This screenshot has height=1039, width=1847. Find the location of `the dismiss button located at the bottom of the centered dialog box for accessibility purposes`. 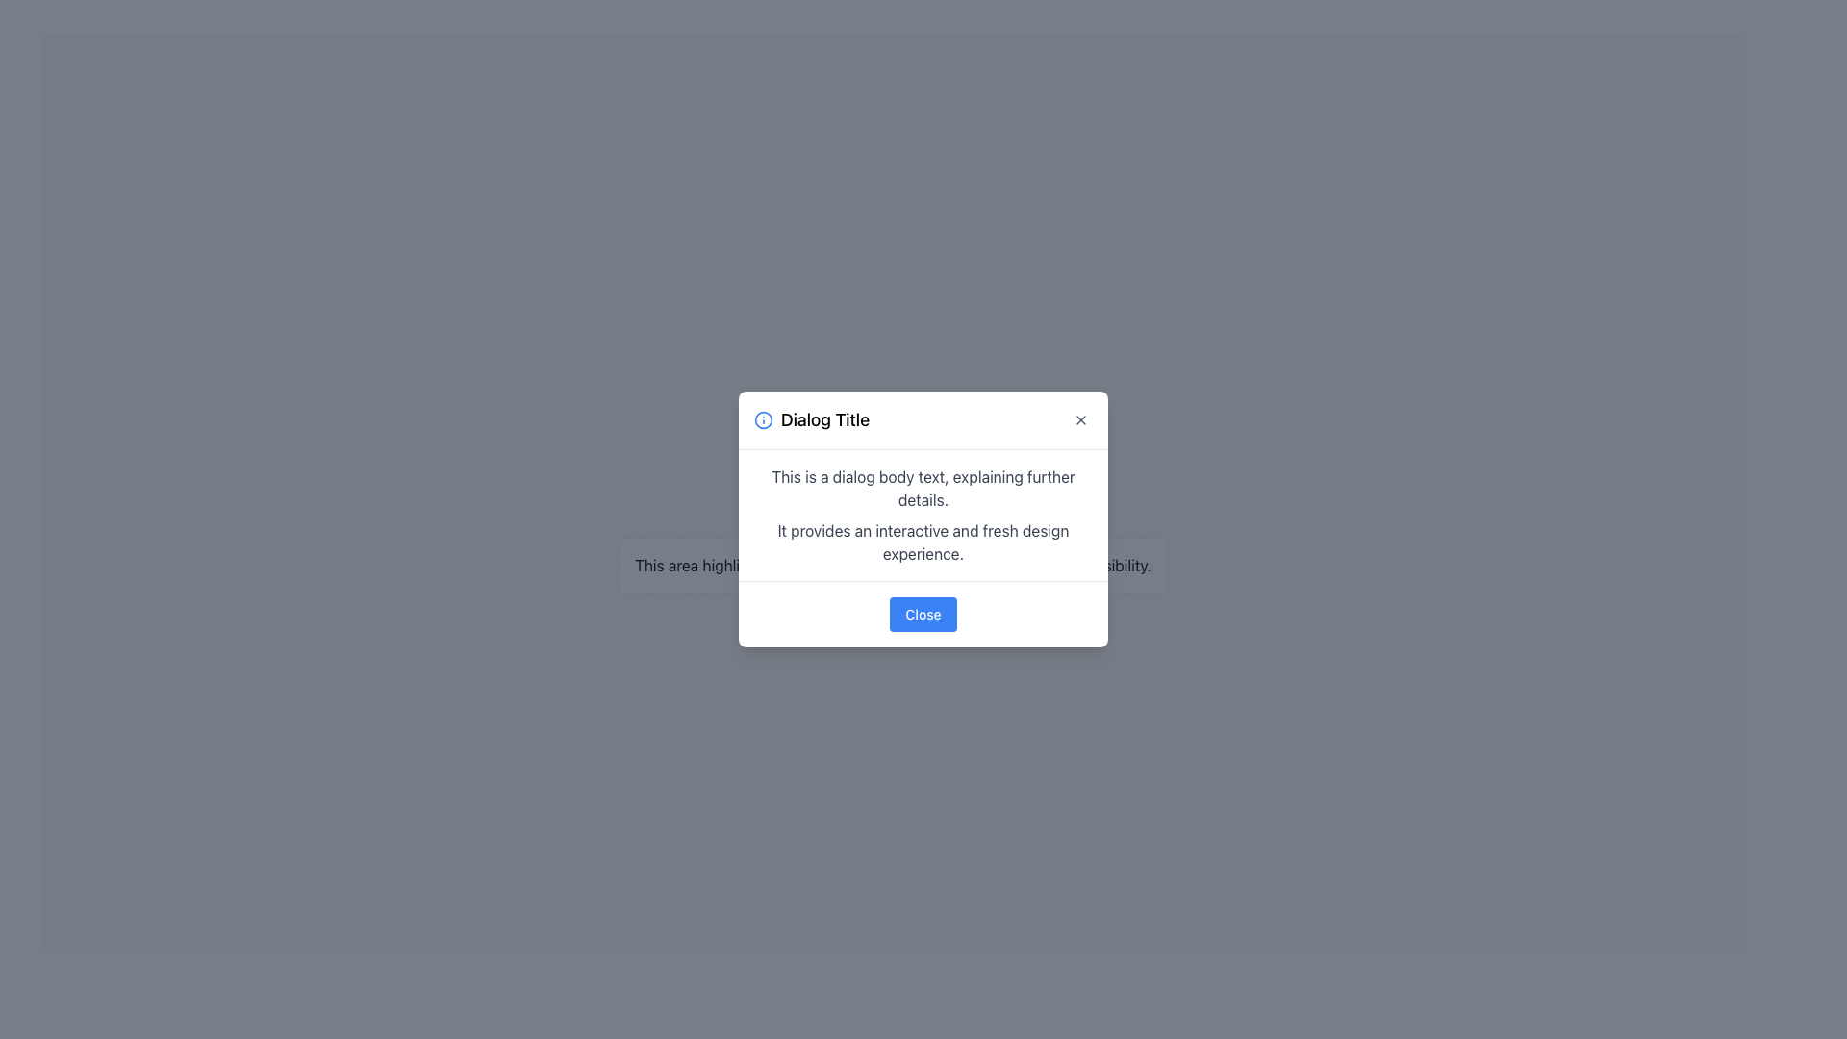

the dismiss button located at the bottom of the centered dialog box for accessibility purposes is located at coordinates (923, 613).